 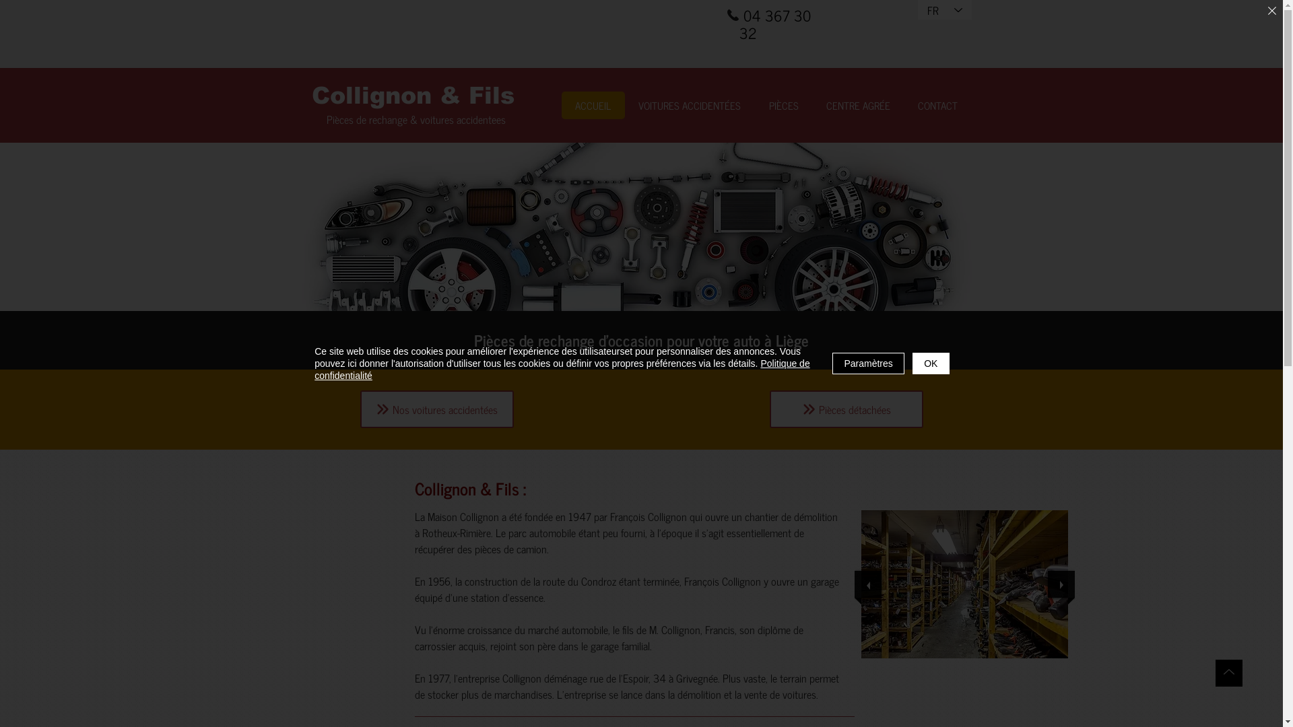 I want to click on 'OK', so click(x=930, y=363).